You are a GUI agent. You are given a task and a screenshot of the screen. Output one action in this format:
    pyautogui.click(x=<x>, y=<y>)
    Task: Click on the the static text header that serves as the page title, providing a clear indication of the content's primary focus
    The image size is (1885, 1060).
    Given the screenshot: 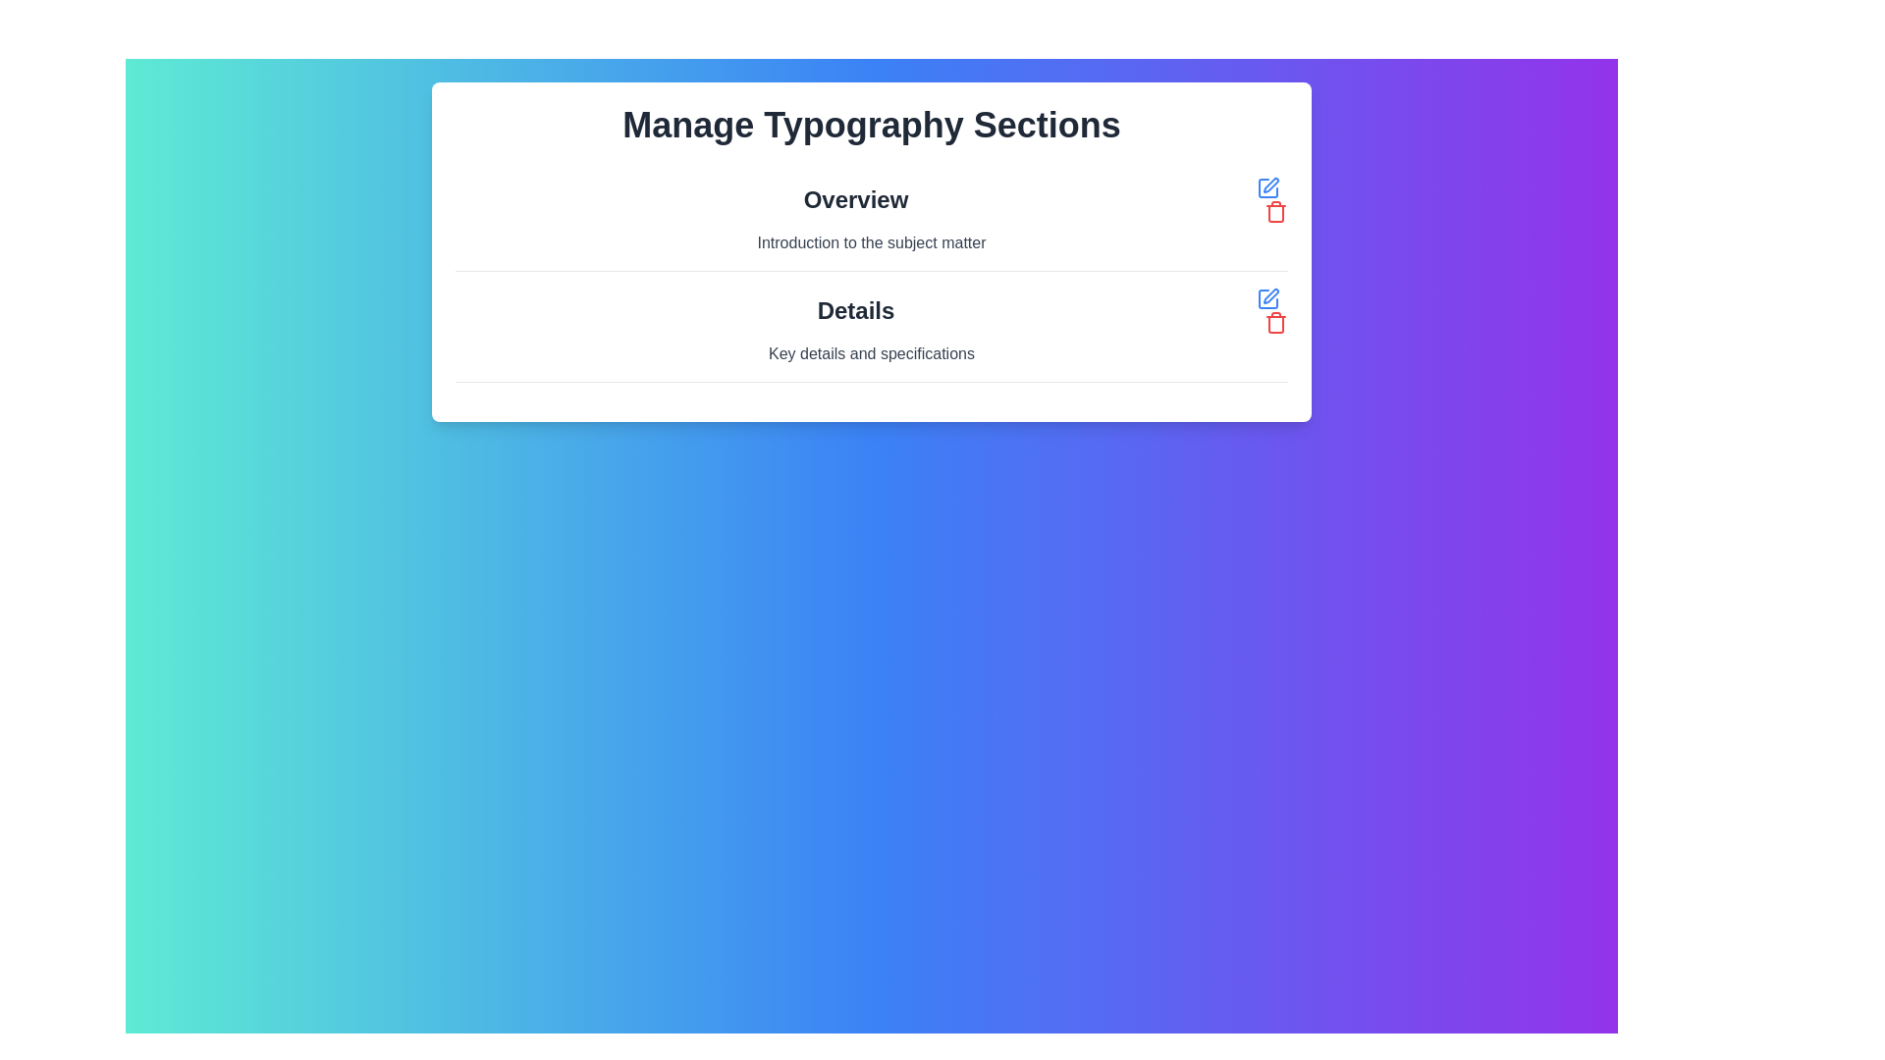 What is the action you would take?
    pyautogui.click(x=871, y=125)
    